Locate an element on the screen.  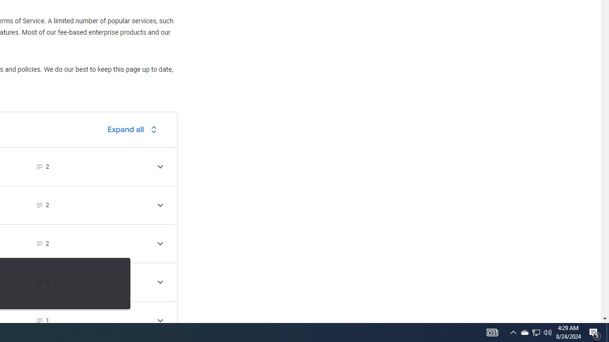
'Expand all' is located at coordinates (134, 129).